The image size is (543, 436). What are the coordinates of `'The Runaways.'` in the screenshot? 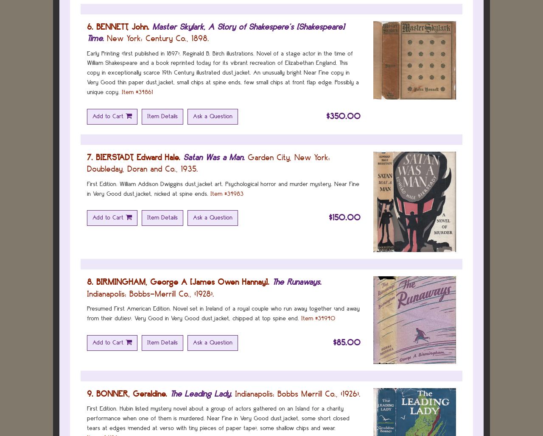 It's located at (297, 281).